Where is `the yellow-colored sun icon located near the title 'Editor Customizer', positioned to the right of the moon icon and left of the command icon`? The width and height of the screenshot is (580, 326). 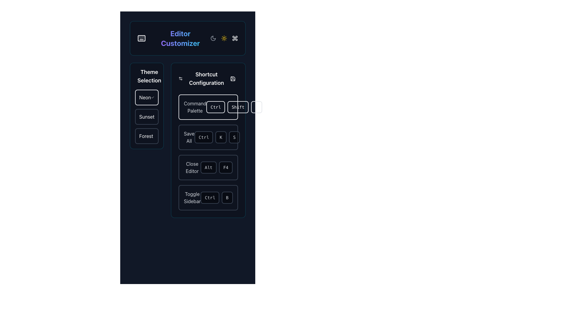
the yellow-colored sun icon located near the title 'Editor Customizer', positioned to the right of the moon icon and left of the command icon is located at coordinates (224, 38).